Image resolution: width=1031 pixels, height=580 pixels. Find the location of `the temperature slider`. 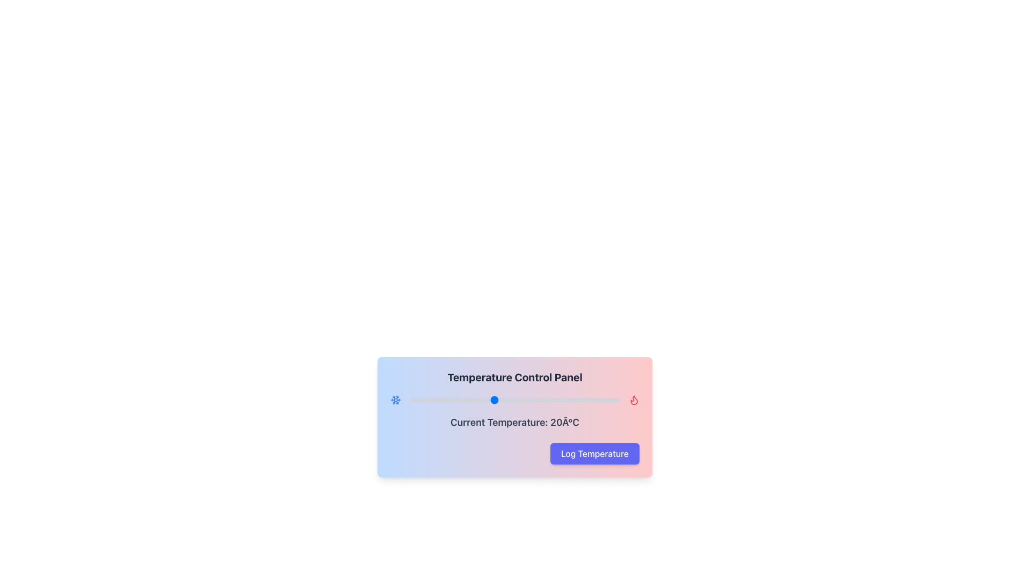

the temperature slider is located at coordinates (409, 400).